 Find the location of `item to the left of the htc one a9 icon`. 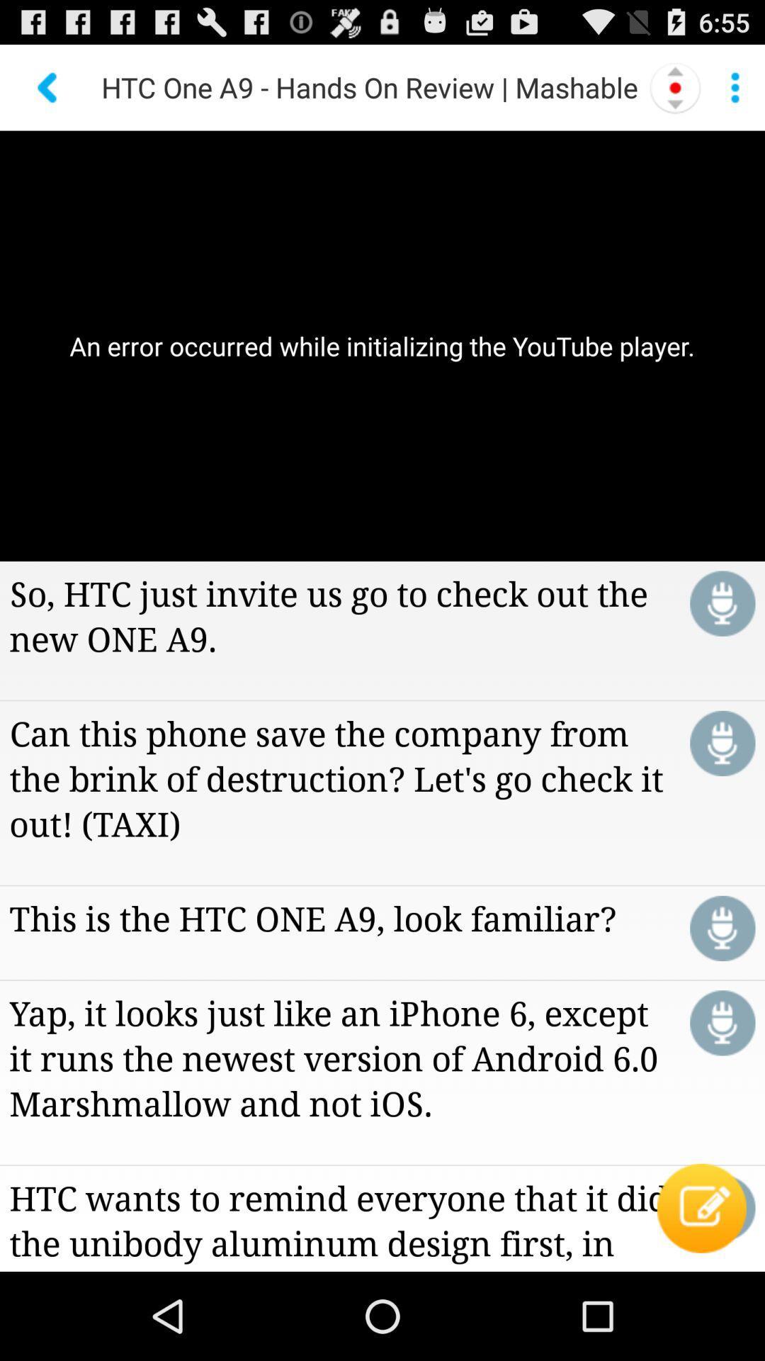

item to the left of the htc one a9 icon is located at coordinates (48, 86).